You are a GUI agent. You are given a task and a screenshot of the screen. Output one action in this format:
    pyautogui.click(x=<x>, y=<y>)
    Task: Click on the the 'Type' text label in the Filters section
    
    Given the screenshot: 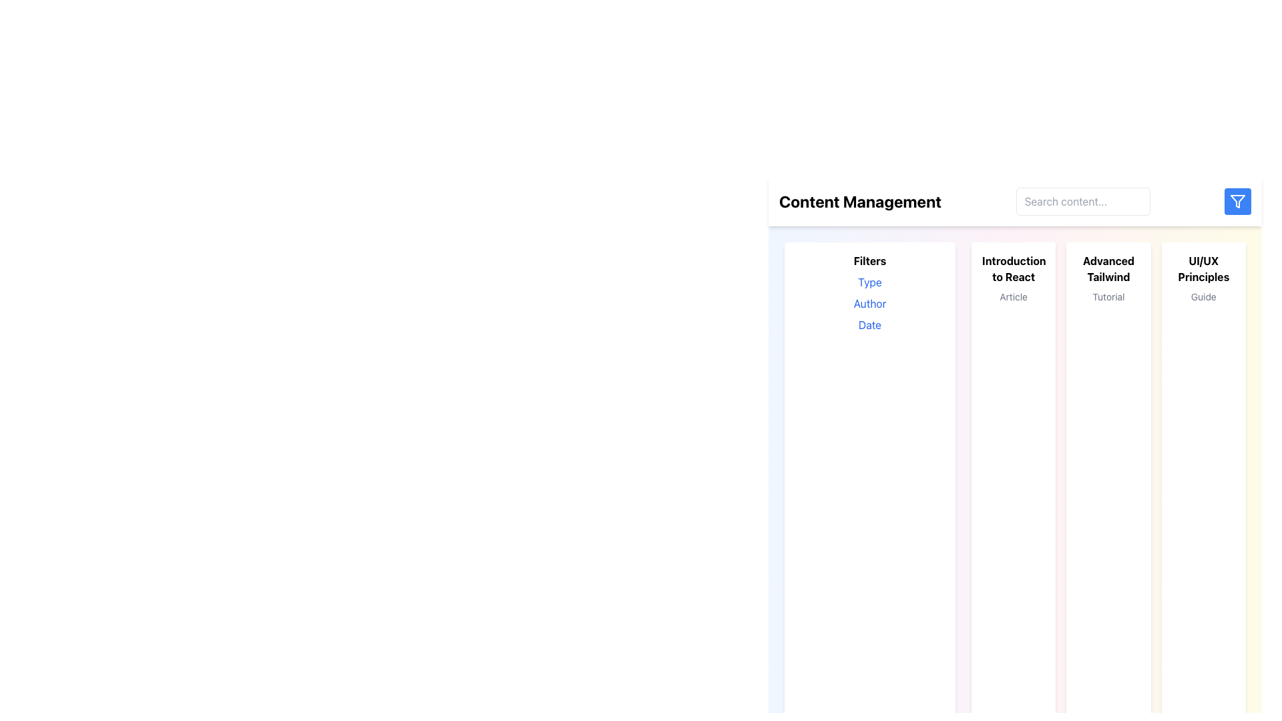 What is the action you would take?
    pyautogui.click(x=869, y=282)
    